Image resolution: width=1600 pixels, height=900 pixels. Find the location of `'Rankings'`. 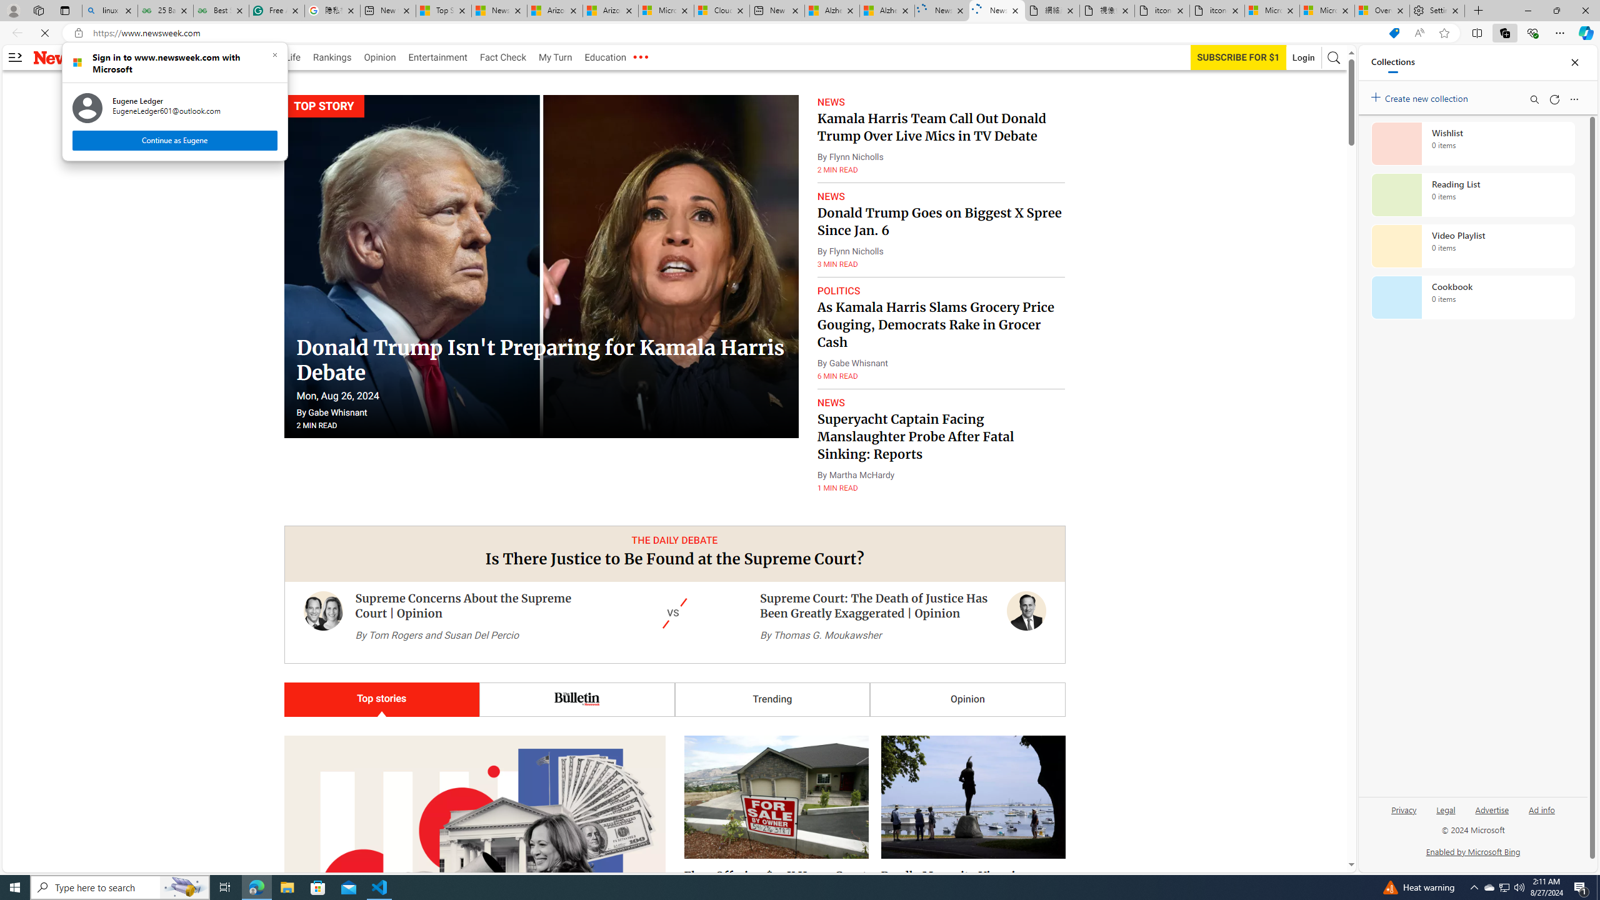

'Rankings' is located at coordinates (332, 57).